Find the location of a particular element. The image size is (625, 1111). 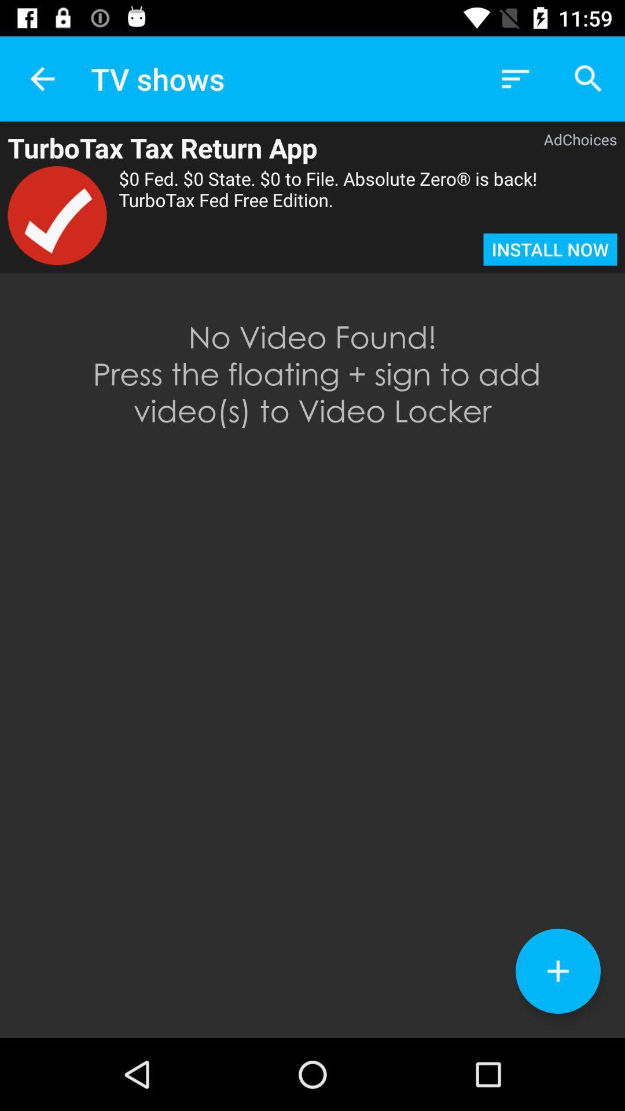

the app to the left of adchoices is located at coordinates (257, 147).